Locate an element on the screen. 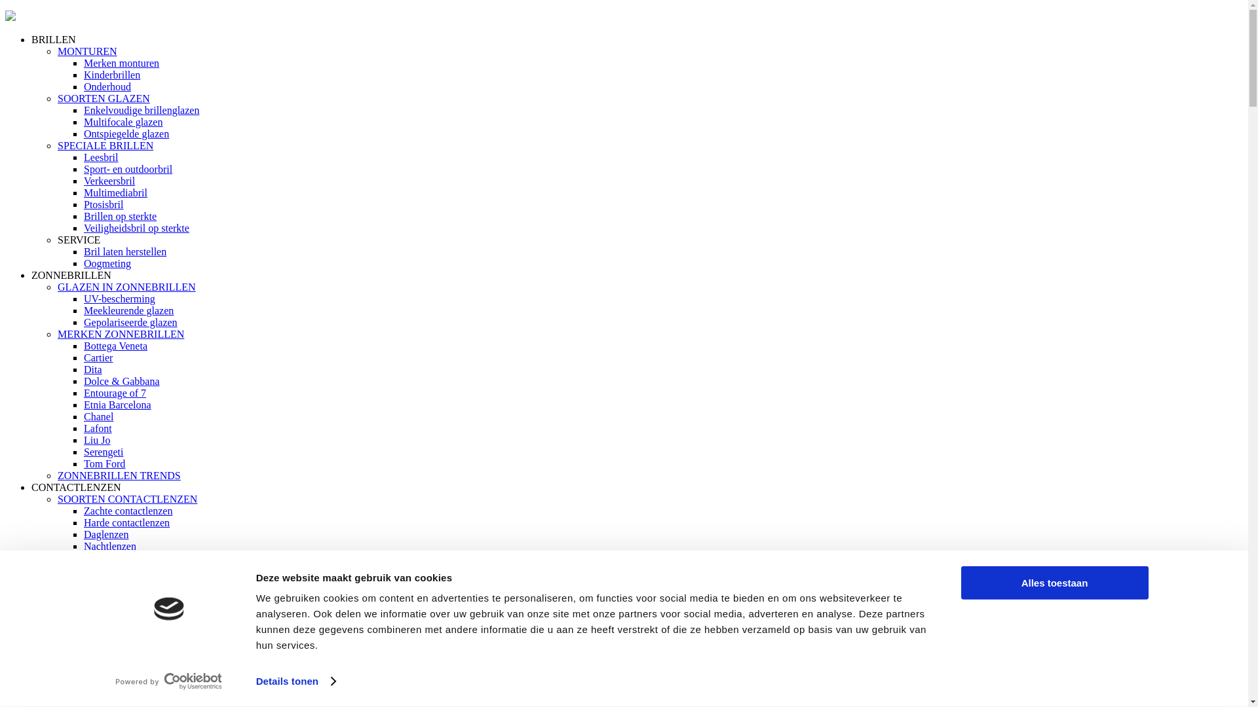  'MONTUREN' is located at coordinates (86, 50).